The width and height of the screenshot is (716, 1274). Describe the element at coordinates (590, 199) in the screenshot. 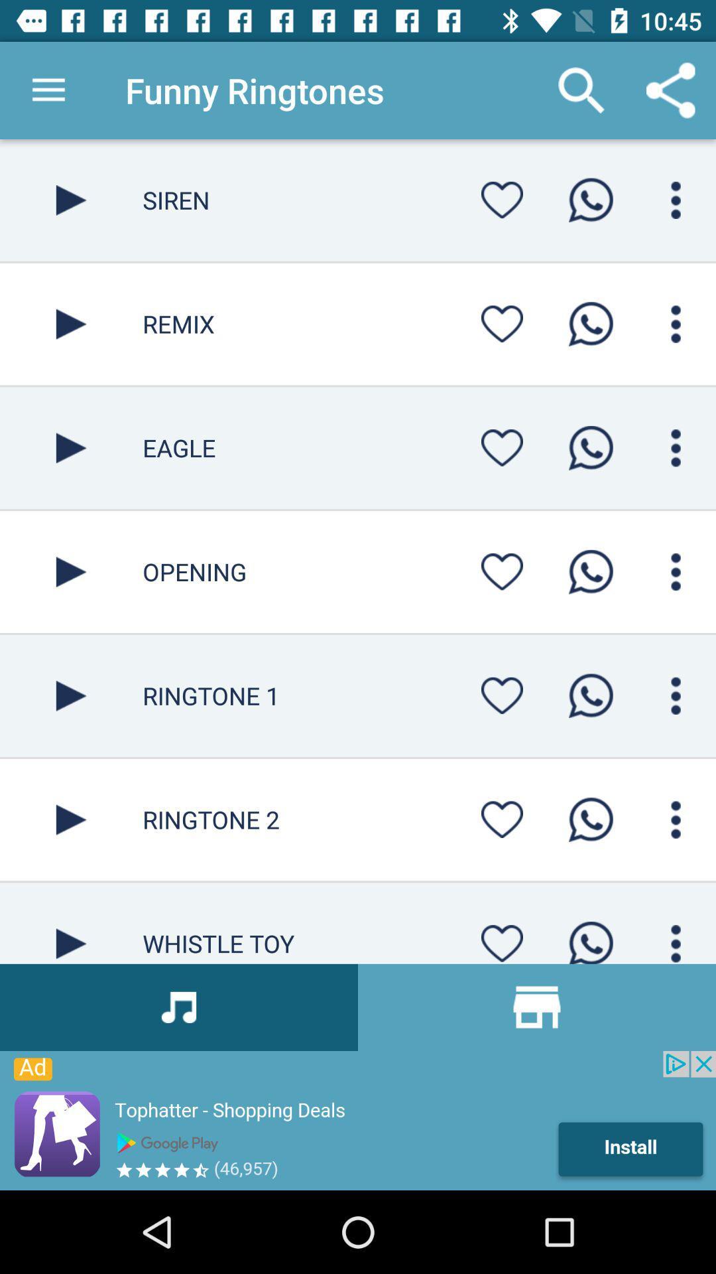

I see `use for whatsapp` at that location.